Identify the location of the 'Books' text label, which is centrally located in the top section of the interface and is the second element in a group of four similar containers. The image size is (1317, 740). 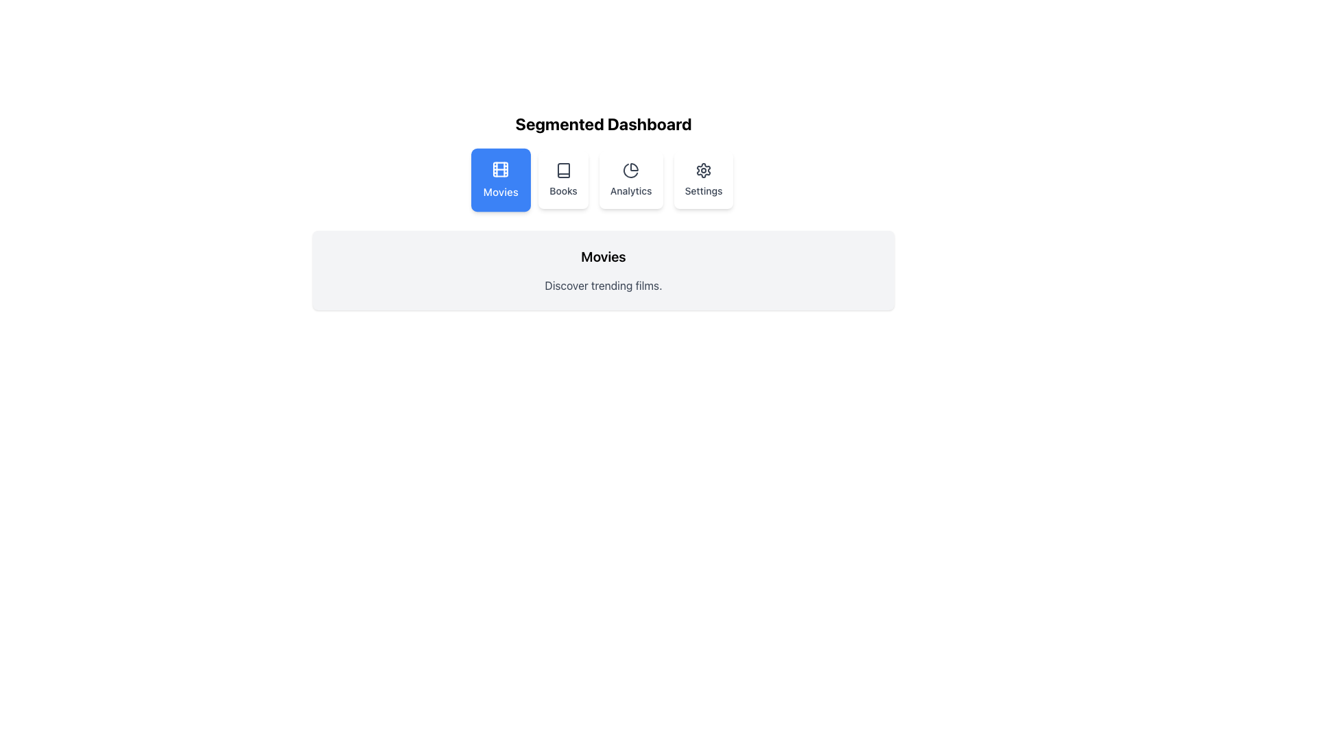
(563, 190).